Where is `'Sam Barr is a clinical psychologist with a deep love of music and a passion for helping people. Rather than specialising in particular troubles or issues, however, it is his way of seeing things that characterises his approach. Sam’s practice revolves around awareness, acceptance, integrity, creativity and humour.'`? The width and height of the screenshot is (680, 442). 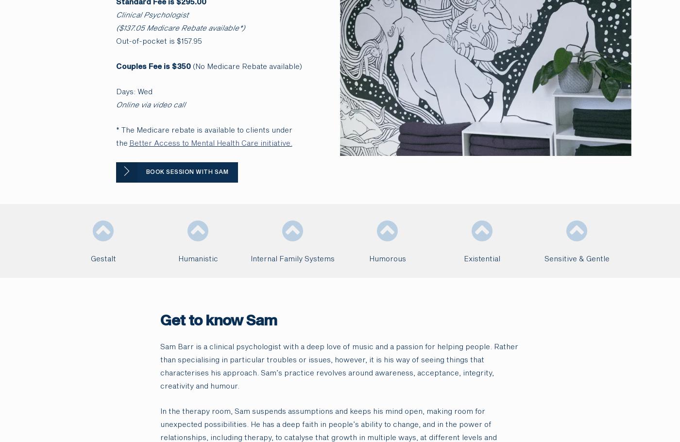
'Sam Barr is a clinical psychologist with a deep love of music and a passion for helping people. Rather than specialising in particular troubles or issues, however, it is his way of seeing things that characterises his approach. Sam’s practice revolves around awareness, acceptance, integrity, creativity and humour.' is located at coordinates (339, 366).